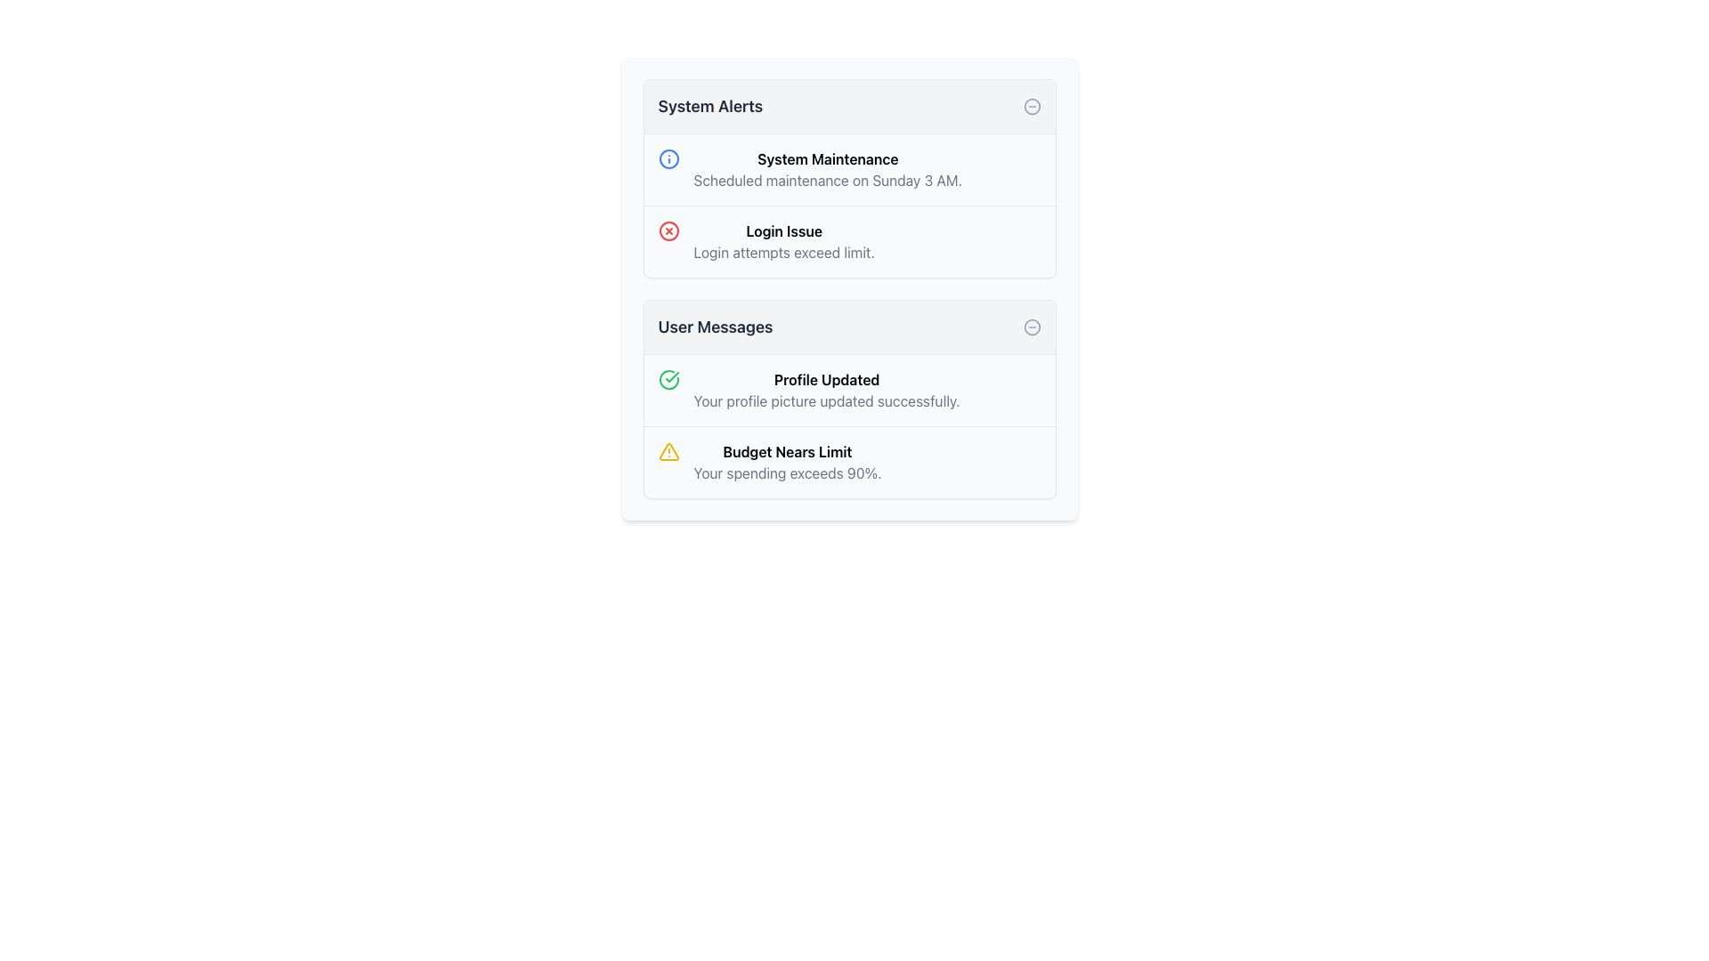 Image resolution: width=1709 pixels, height=961 pixels. What do you see at coordinates (668, 157) in the screenshot?
I see `the informational icon next to the 'System Maintenance' alert in the 'System Alerts' section` at bounding box center [668, 157].